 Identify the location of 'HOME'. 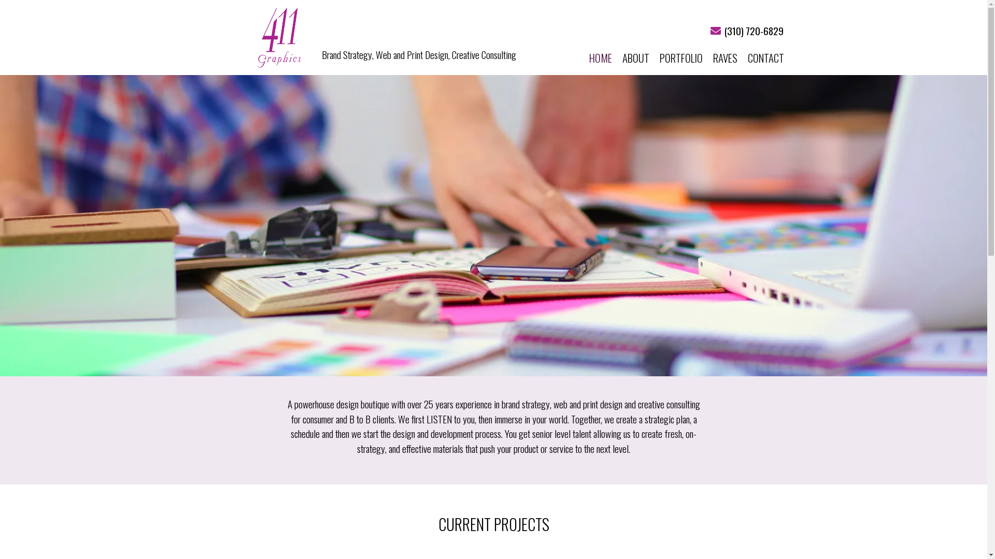
(600, 57).